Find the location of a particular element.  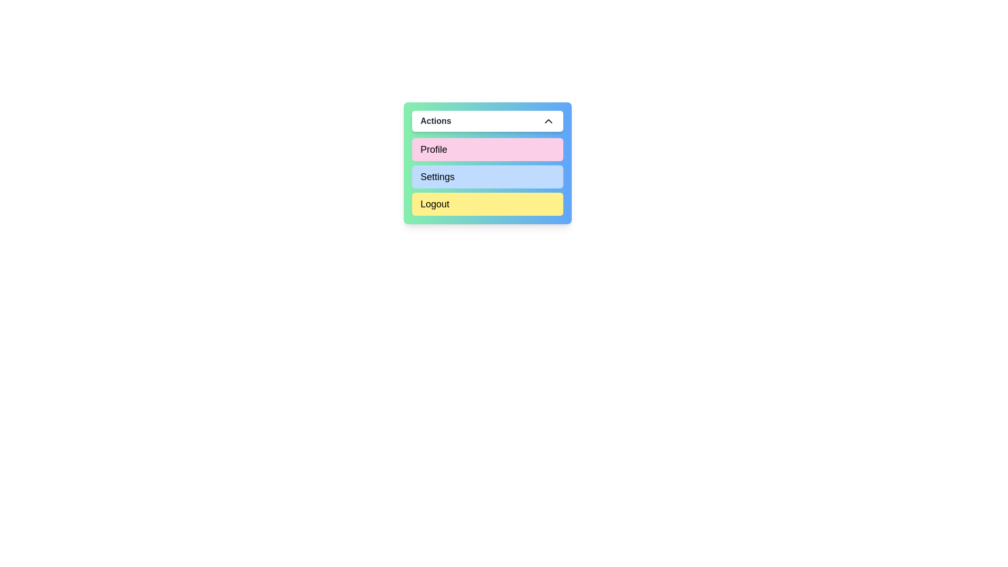

the 'Profile' button in the vertical navigation menu labeled 'Actions' is located at coordinates (487, 163).